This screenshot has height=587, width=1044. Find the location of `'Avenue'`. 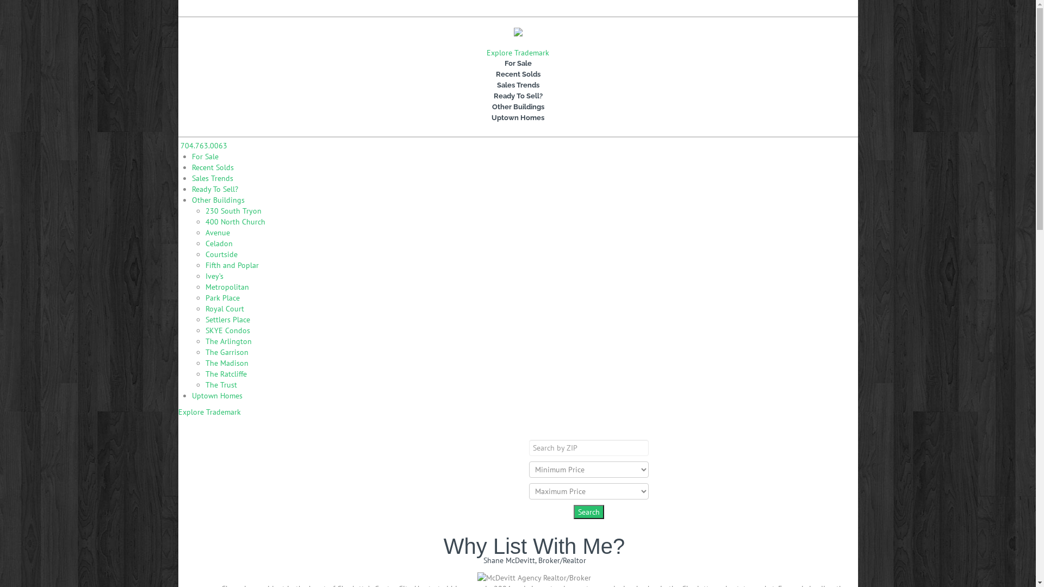

'Avenue' is located at coordinates (217, 232).